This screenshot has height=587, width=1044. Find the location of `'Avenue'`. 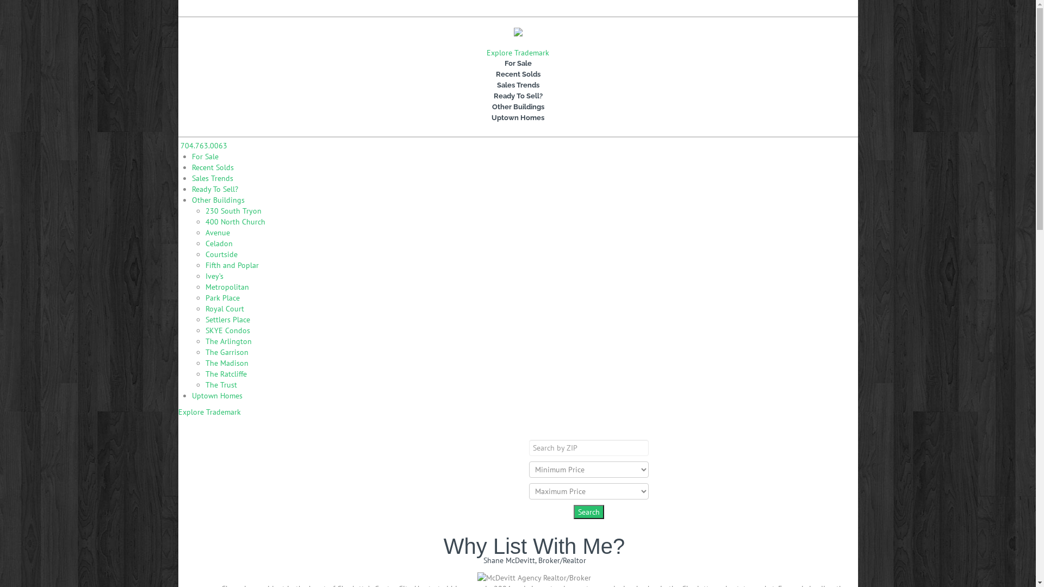

'Avenue' is located at coordinates (217, 232).